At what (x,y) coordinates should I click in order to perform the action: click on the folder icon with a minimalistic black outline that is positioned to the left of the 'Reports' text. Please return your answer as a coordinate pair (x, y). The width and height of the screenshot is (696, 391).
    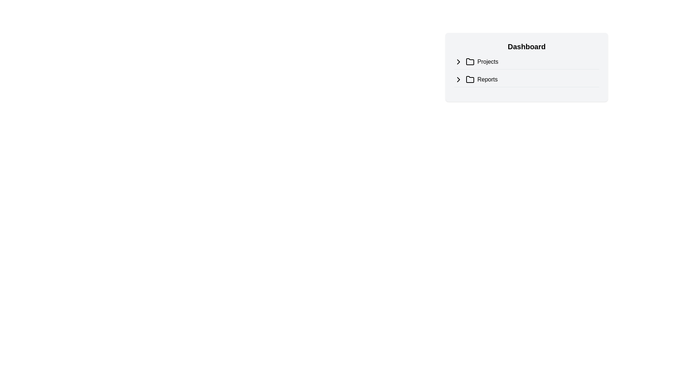
    Looking at the image, I should click on (470, 79).